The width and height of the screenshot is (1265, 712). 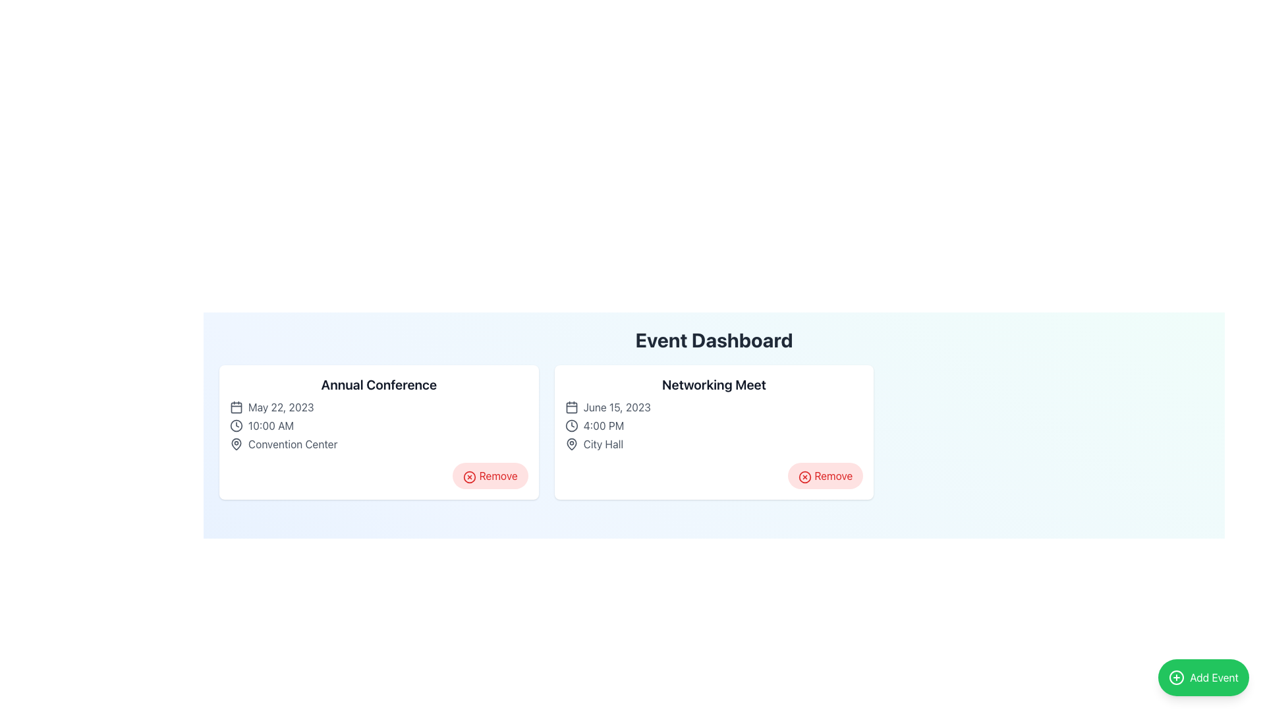 What do you see at coordinates (470, 477) in the screenshot?
I see `the 'Remove' button located at the bottom-right corner of the 'Annual Conference' card` at bounding box center [470, 477].